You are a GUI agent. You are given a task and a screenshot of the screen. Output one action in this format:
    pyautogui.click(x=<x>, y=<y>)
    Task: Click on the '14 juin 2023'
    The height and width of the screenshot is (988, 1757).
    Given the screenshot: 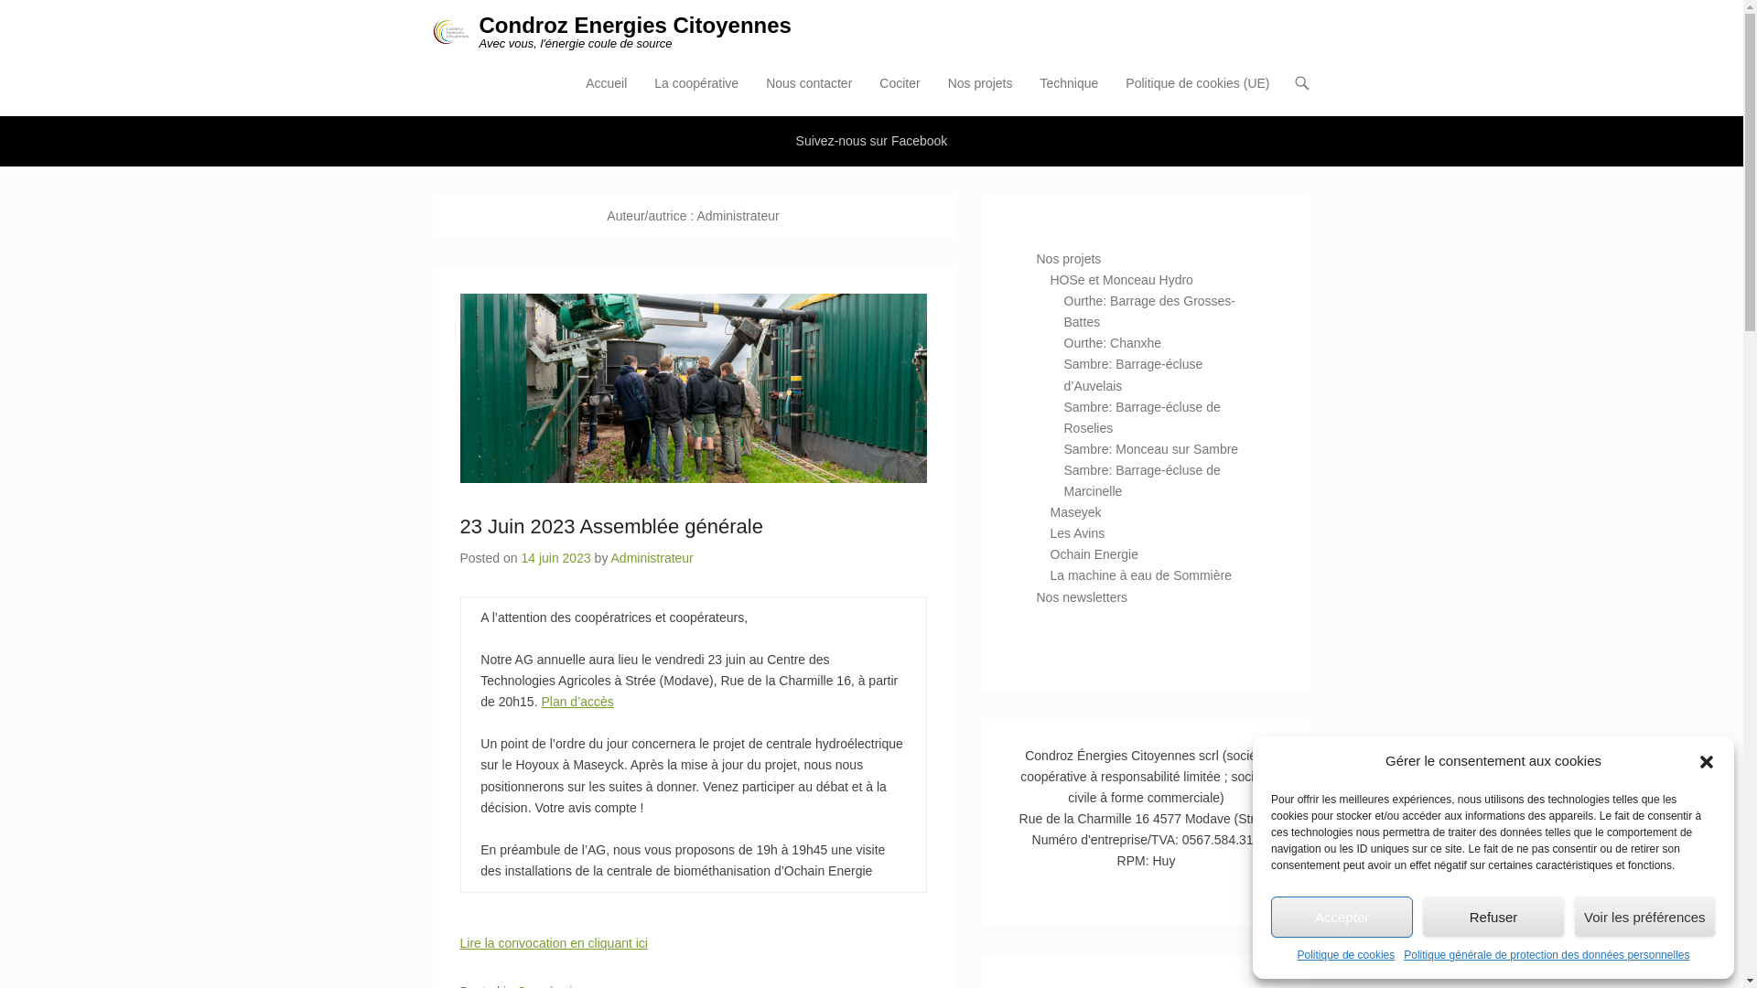 What is the action you would take?
    pyautogui.click(x=554, y=556)
    